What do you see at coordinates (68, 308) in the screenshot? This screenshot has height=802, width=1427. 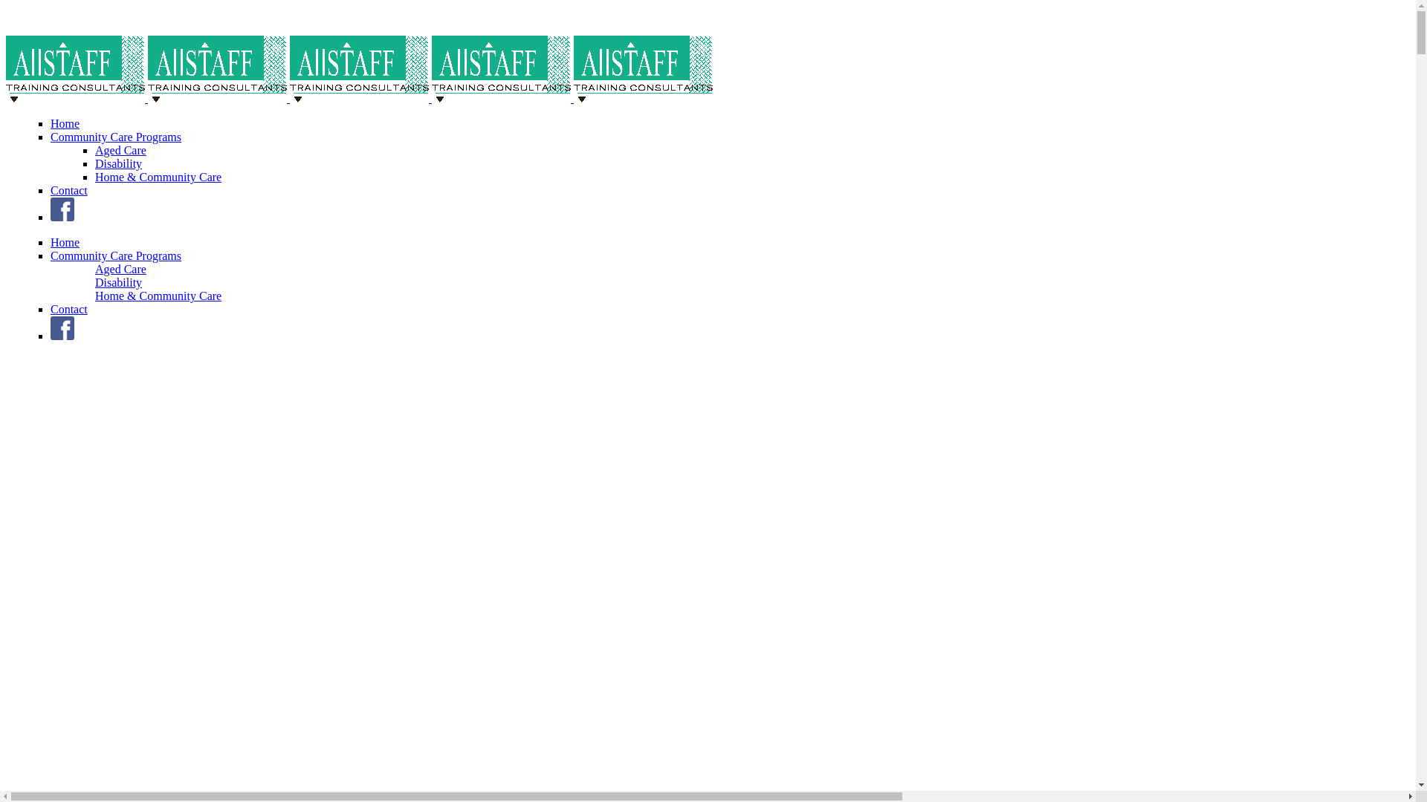 I see `'Contact'` at bounding box center [68, 308].